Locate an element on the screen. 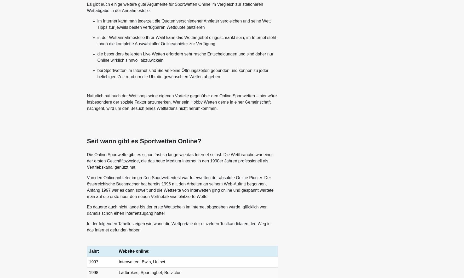 This screenshot has height=278, width=464. 'bei Sportwetten im Internet sind Sie an keine Öffnungszeiten gebunden und können zu jeder beliebigen Zeit rund um die Uhr die gewünschten Wetten abgeben' is located at coordinates (182, 73).